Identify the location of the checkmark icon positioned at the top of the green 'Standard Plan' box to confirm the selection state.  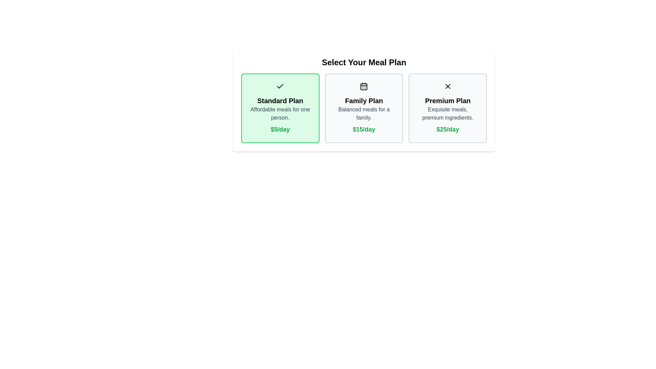
(280, 86).